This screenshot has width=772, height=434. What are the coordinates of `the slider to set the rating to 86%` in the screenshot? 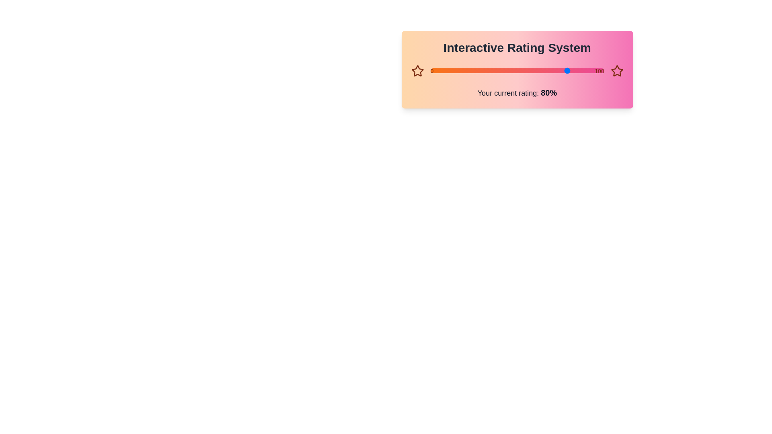 It's located at (430, 70).